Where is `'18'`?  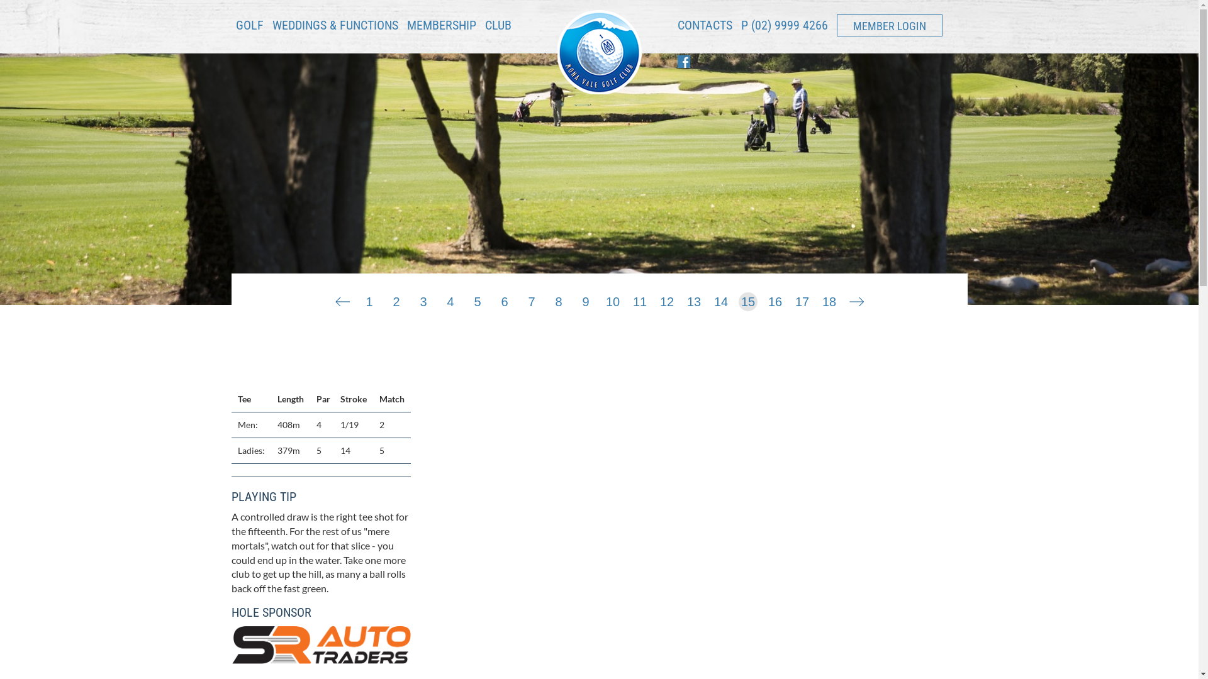 '18' is located at coordinates (829, 299).